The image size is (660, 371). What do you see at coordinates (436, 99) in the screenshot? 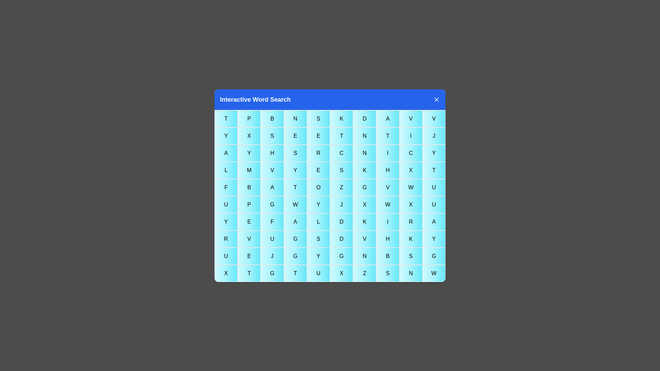
I see `close button to close the dialog` at bounding box center [436, 99].